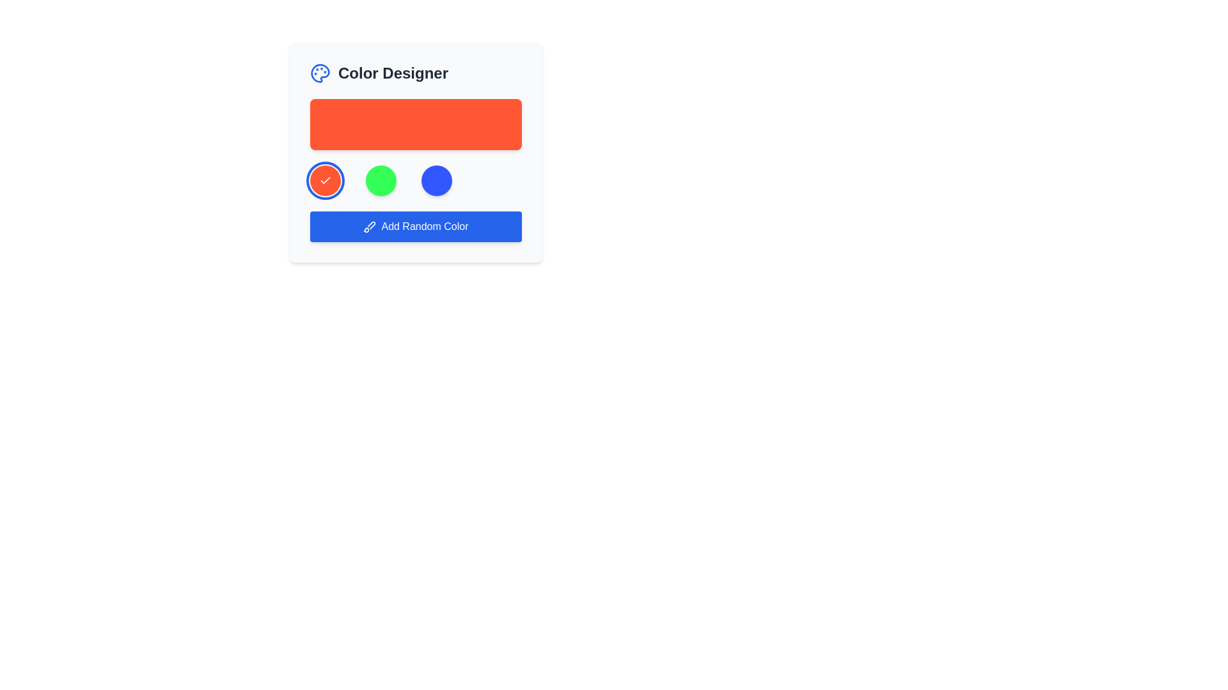  Describe the element at coordinates (325, 180) in the screenshot. I see `the circular button that contains the checkmark icon, which is a simple white vector graphic in the center of the first button in a series of three buttons` at that location.